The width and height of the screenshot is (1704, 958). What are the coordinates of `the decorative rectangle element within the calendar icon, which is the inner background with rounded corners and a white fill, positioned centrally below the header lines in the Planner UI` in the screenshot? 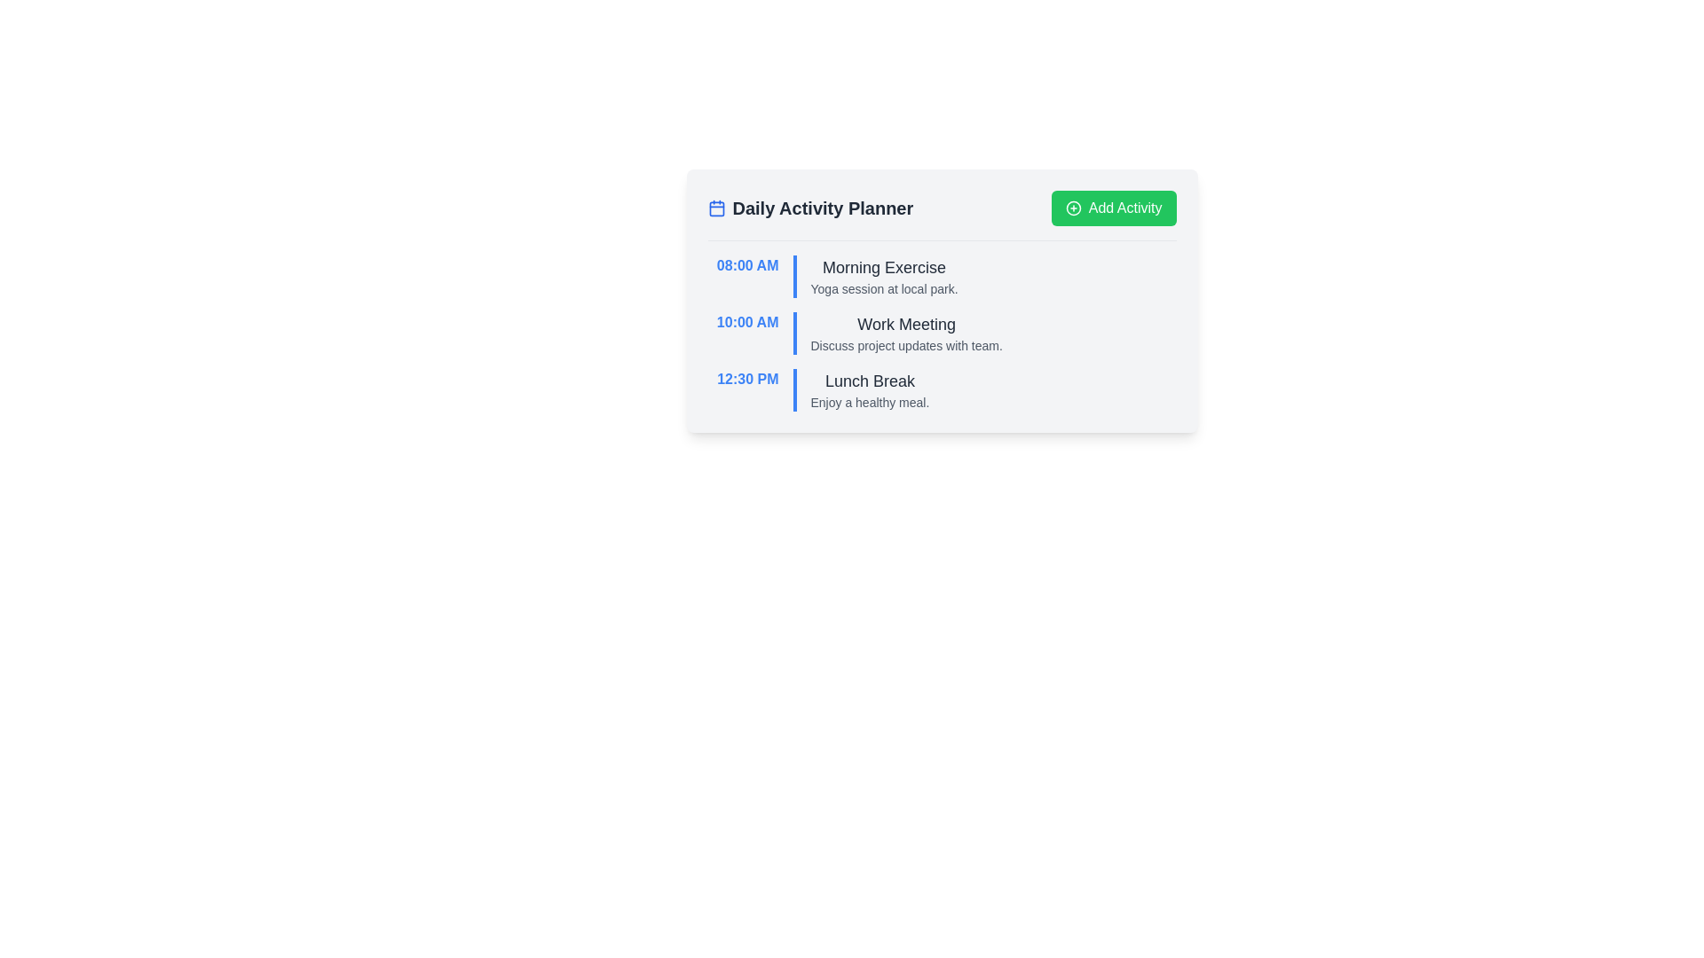 It's located at (716, 208).